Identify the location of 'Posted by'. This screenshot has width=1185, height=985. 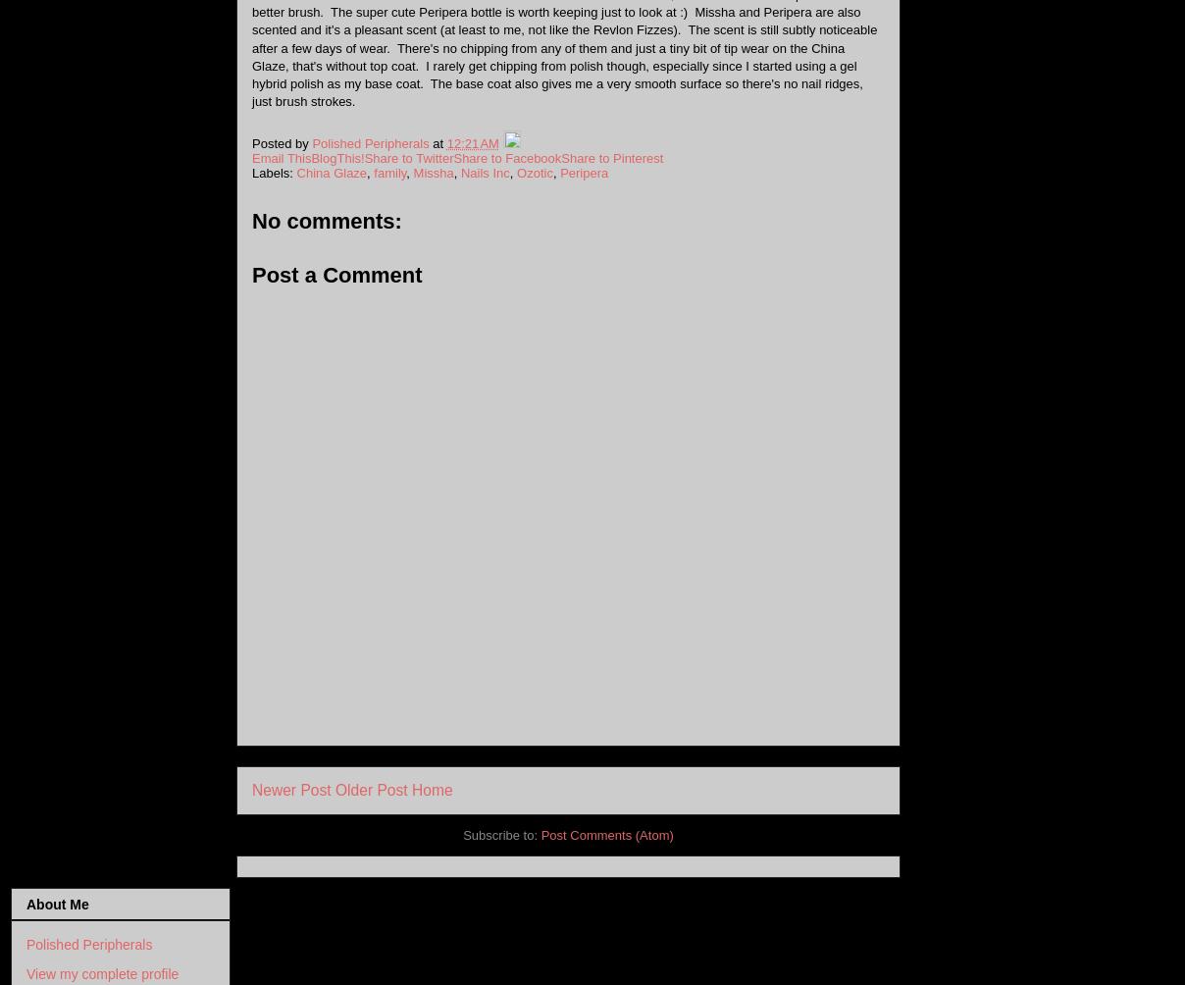
(282, 141).